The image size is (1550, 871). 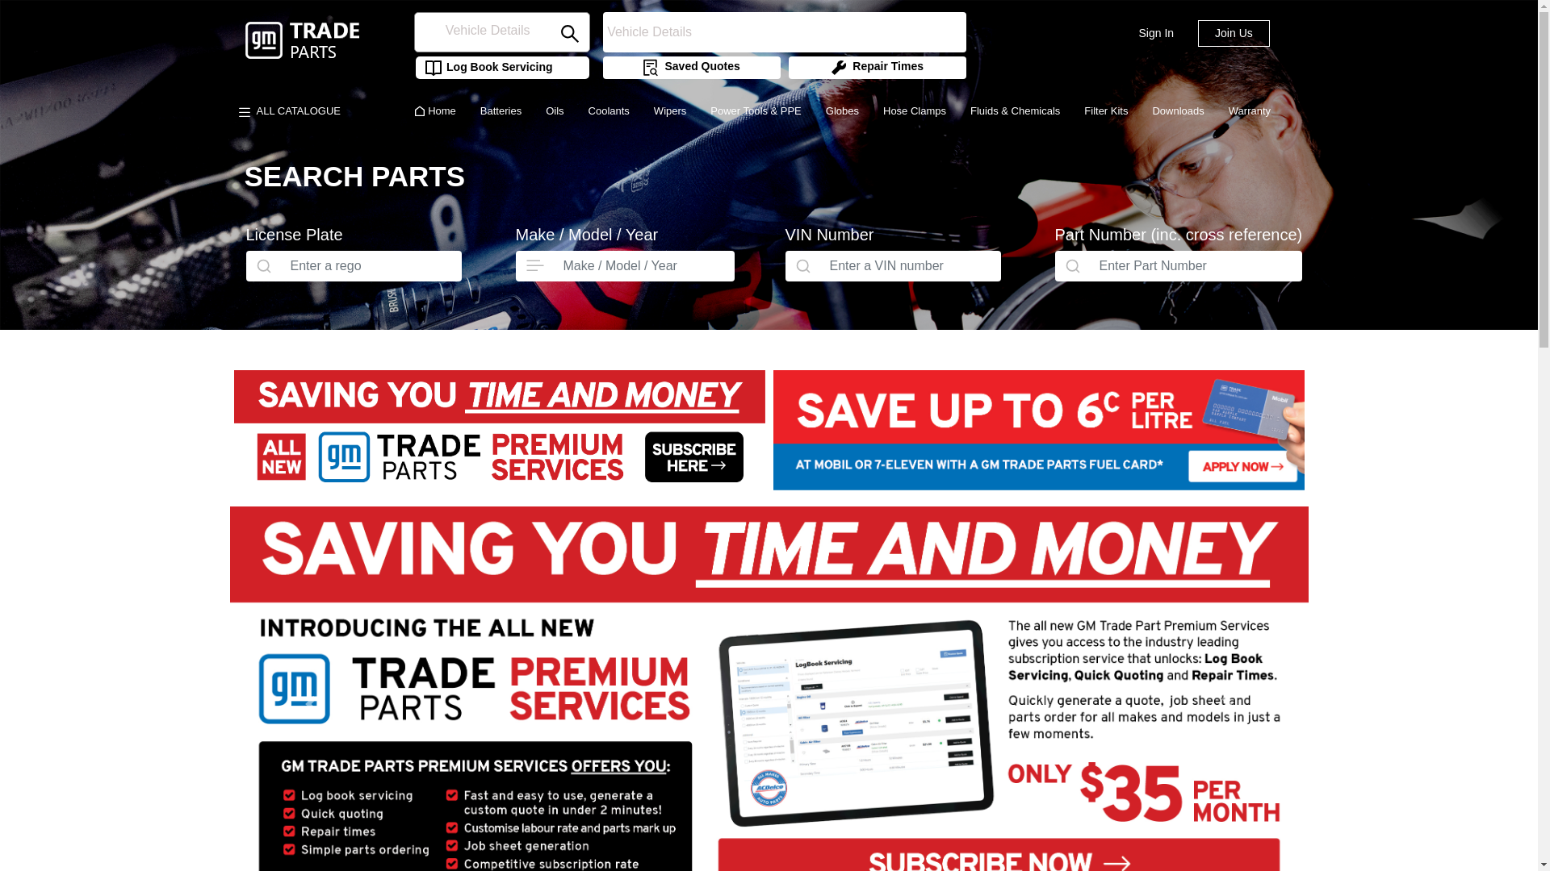 I want to click on 'Globes', so click(x=814, y=110).